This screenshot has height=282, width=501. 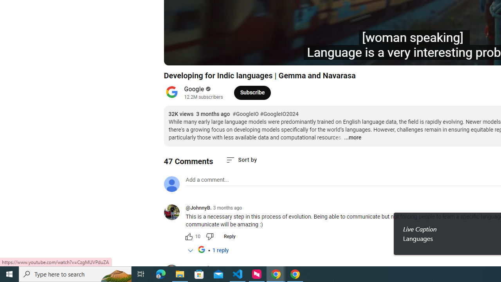 I want to click on 'Reply', so click(x=229, y=236).